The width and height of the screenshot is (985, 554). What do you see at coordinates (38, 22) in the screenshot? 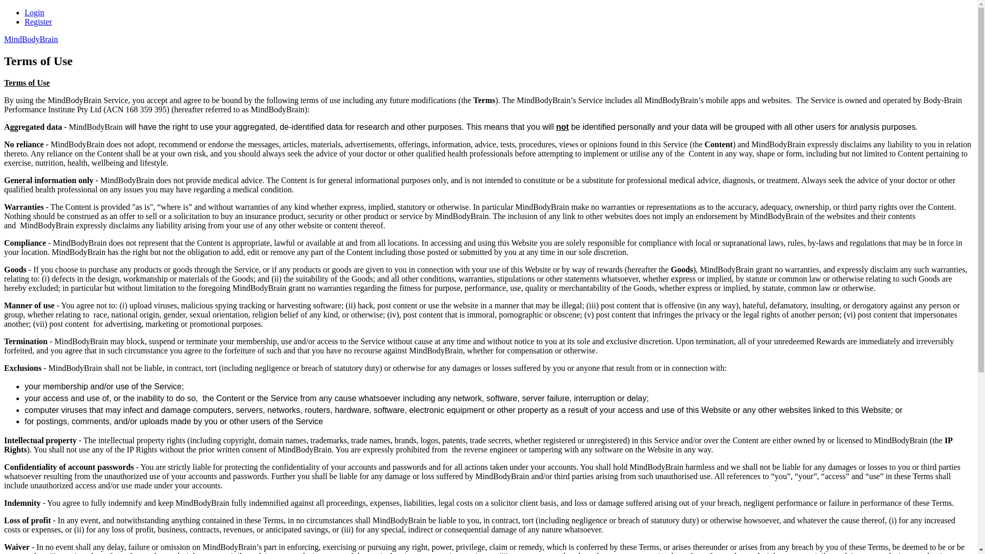
I see `'Register'` at bounding box center [38, 22].